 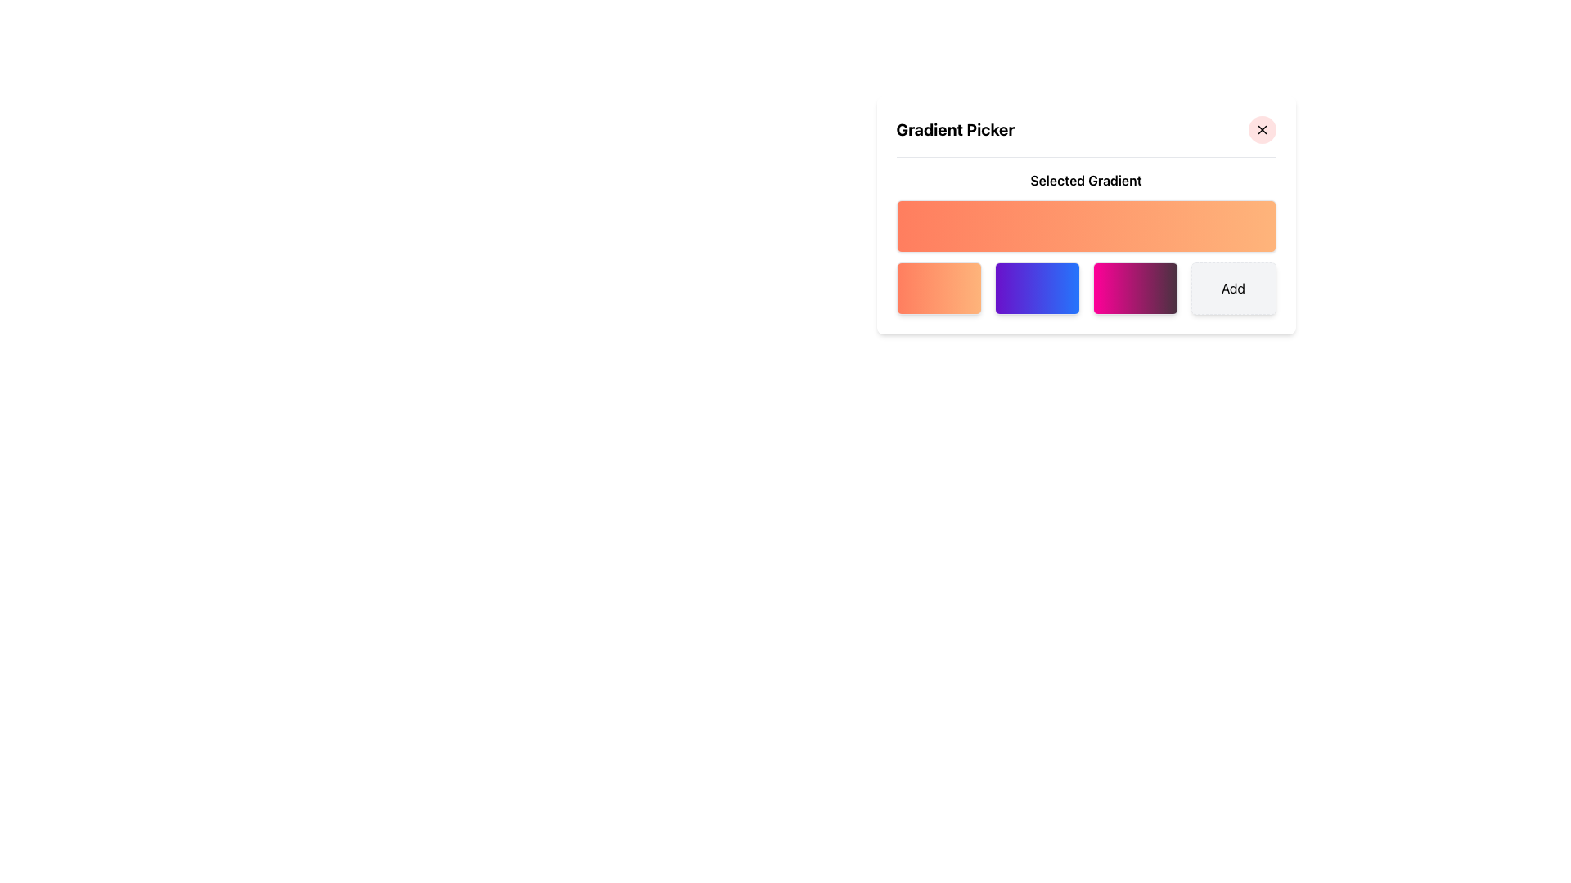 I want to click on the first rectangular button with a bright orange, so click(x=939, y=288).